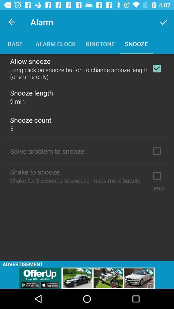 This screenshot has width=174, height=309. Describe the element at coordinates (157, 176) in the screenshot. I see `check box` at that location.